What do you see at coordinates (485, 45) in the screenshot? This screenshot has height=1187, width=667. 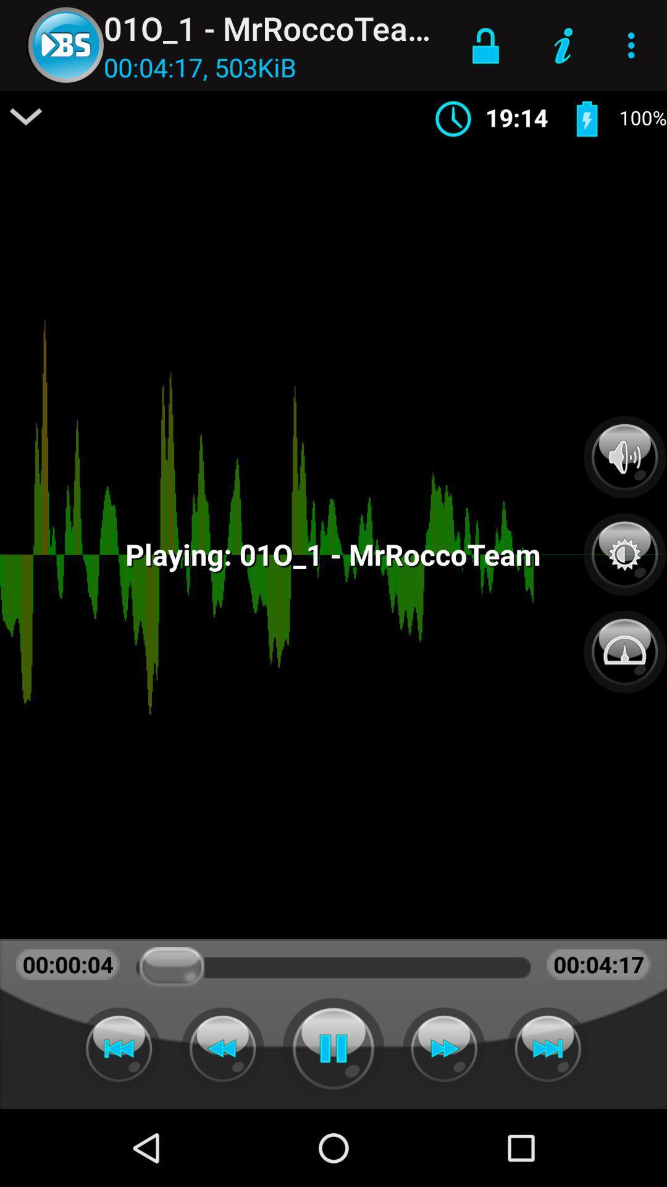 I see `icon next to 01o_1 - mrroccoteam` at bounding box center [485, 45].